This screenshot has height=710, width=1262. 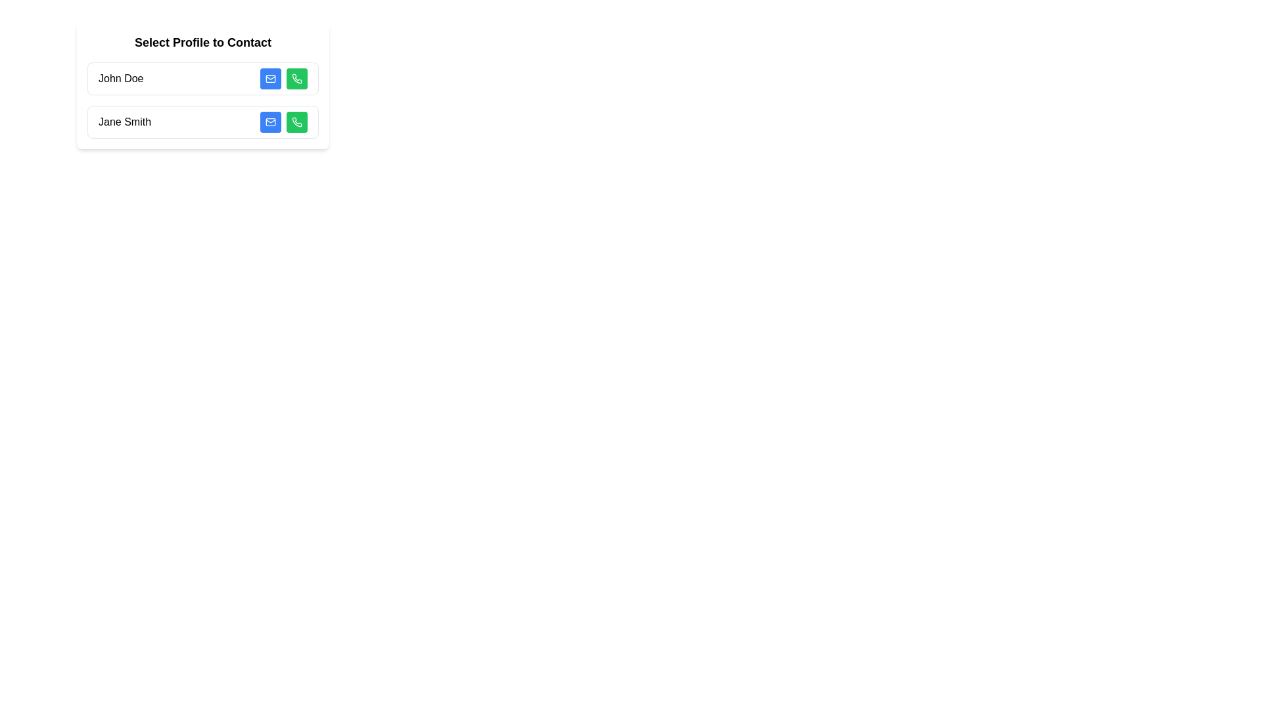 I want to click on to select the profile information for 'Jane Smith' in the second item of the list labeled 'Select Profile to Contact', so click(x=202, y=122).